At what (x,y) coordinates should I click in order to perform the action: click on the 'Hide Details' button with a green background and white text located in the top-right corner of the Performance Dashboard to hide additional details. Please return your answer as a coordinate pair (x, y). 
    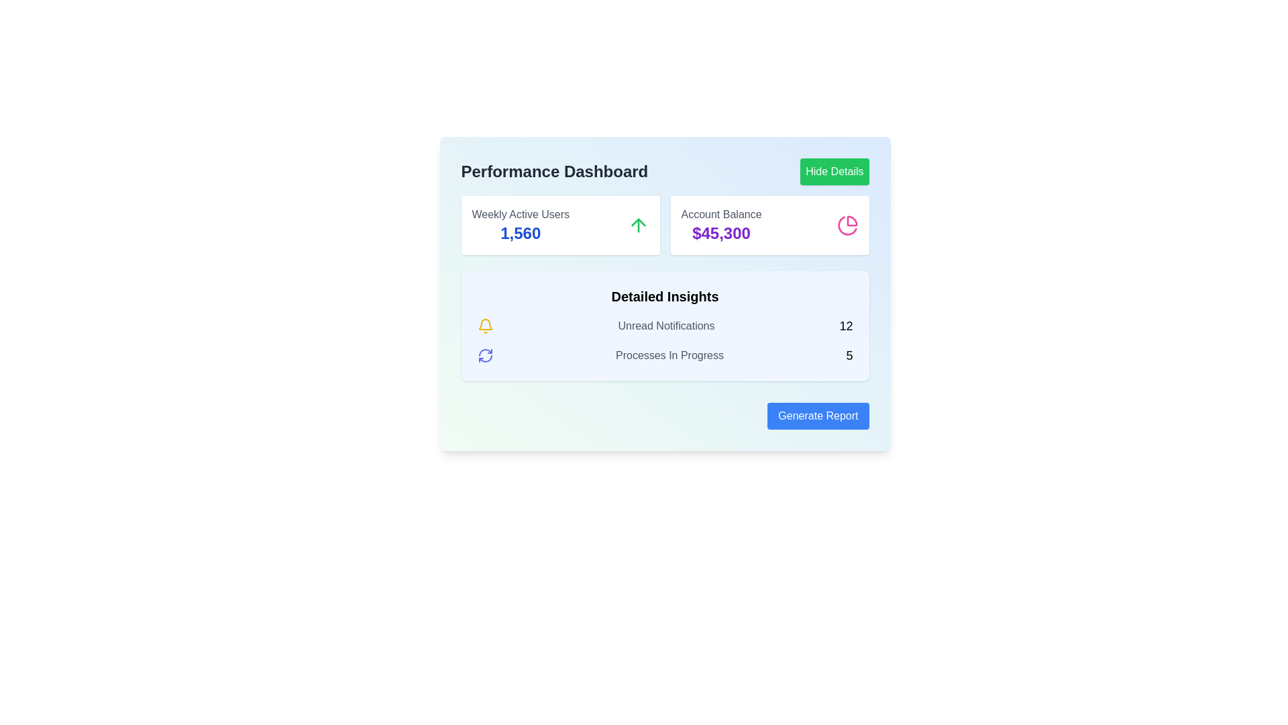
    Looking at the image, I should click on (834, 171).